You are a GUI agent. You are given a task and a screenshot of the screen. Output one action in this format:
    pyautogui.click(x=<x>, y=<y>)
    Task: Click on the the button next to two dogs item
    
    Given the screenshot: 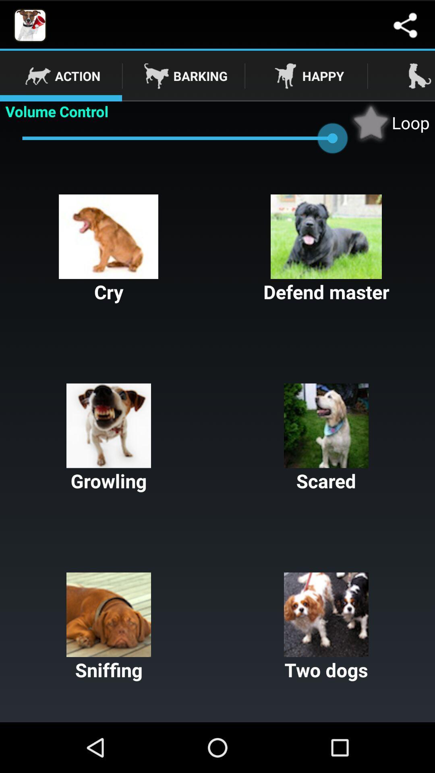 What is the action you would take?
    pyautogui.click(x=109, y=627)
    